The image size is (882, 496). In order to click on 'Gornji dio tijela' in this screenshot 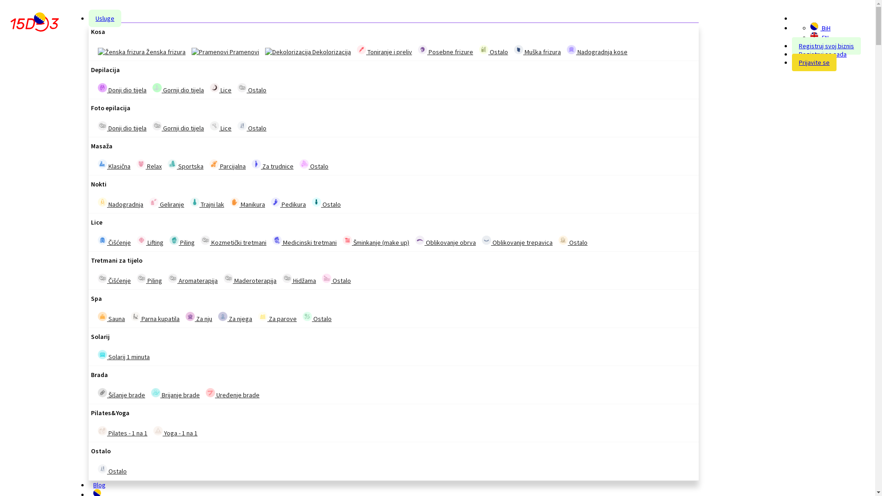, I will do `click(150, 88)`.